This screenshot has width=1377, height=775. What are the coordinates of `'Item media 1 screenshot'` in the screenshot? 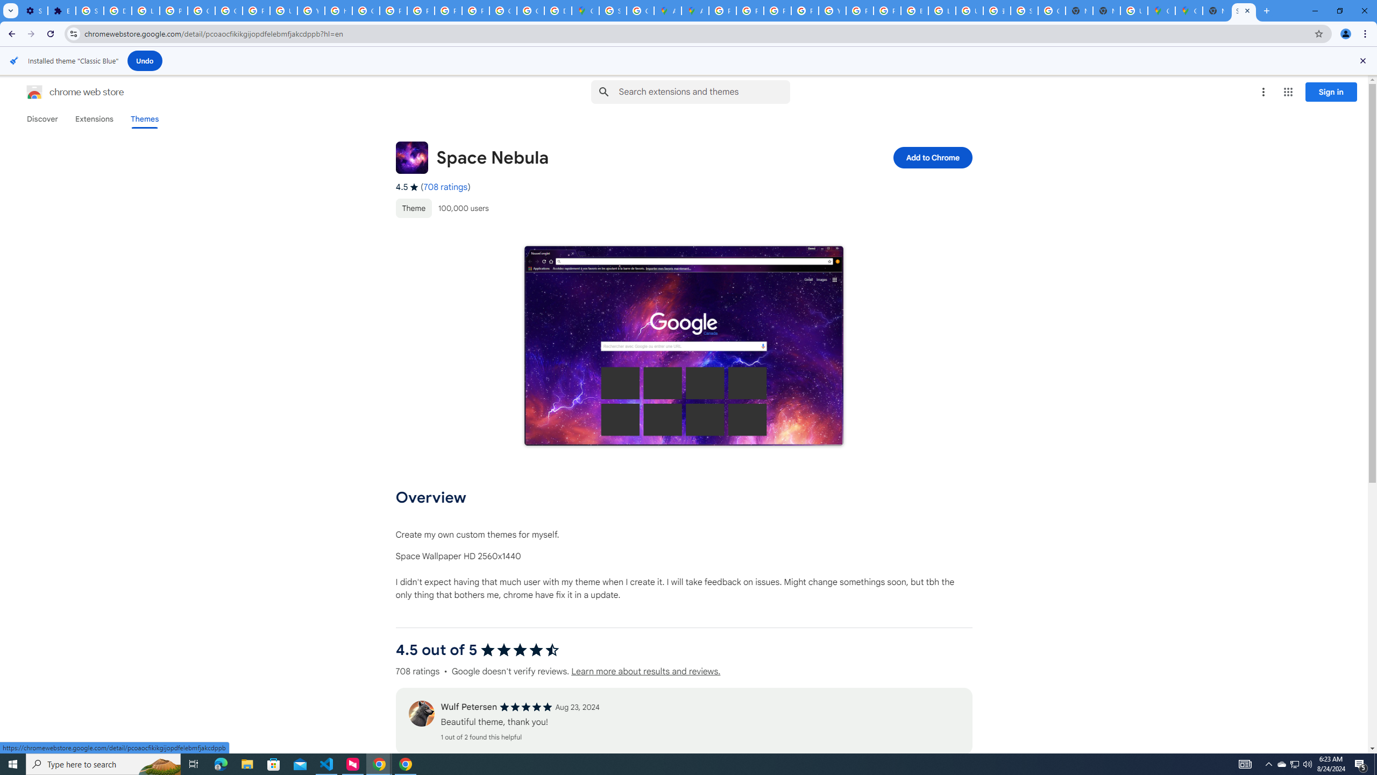 It's located at (684, 346).